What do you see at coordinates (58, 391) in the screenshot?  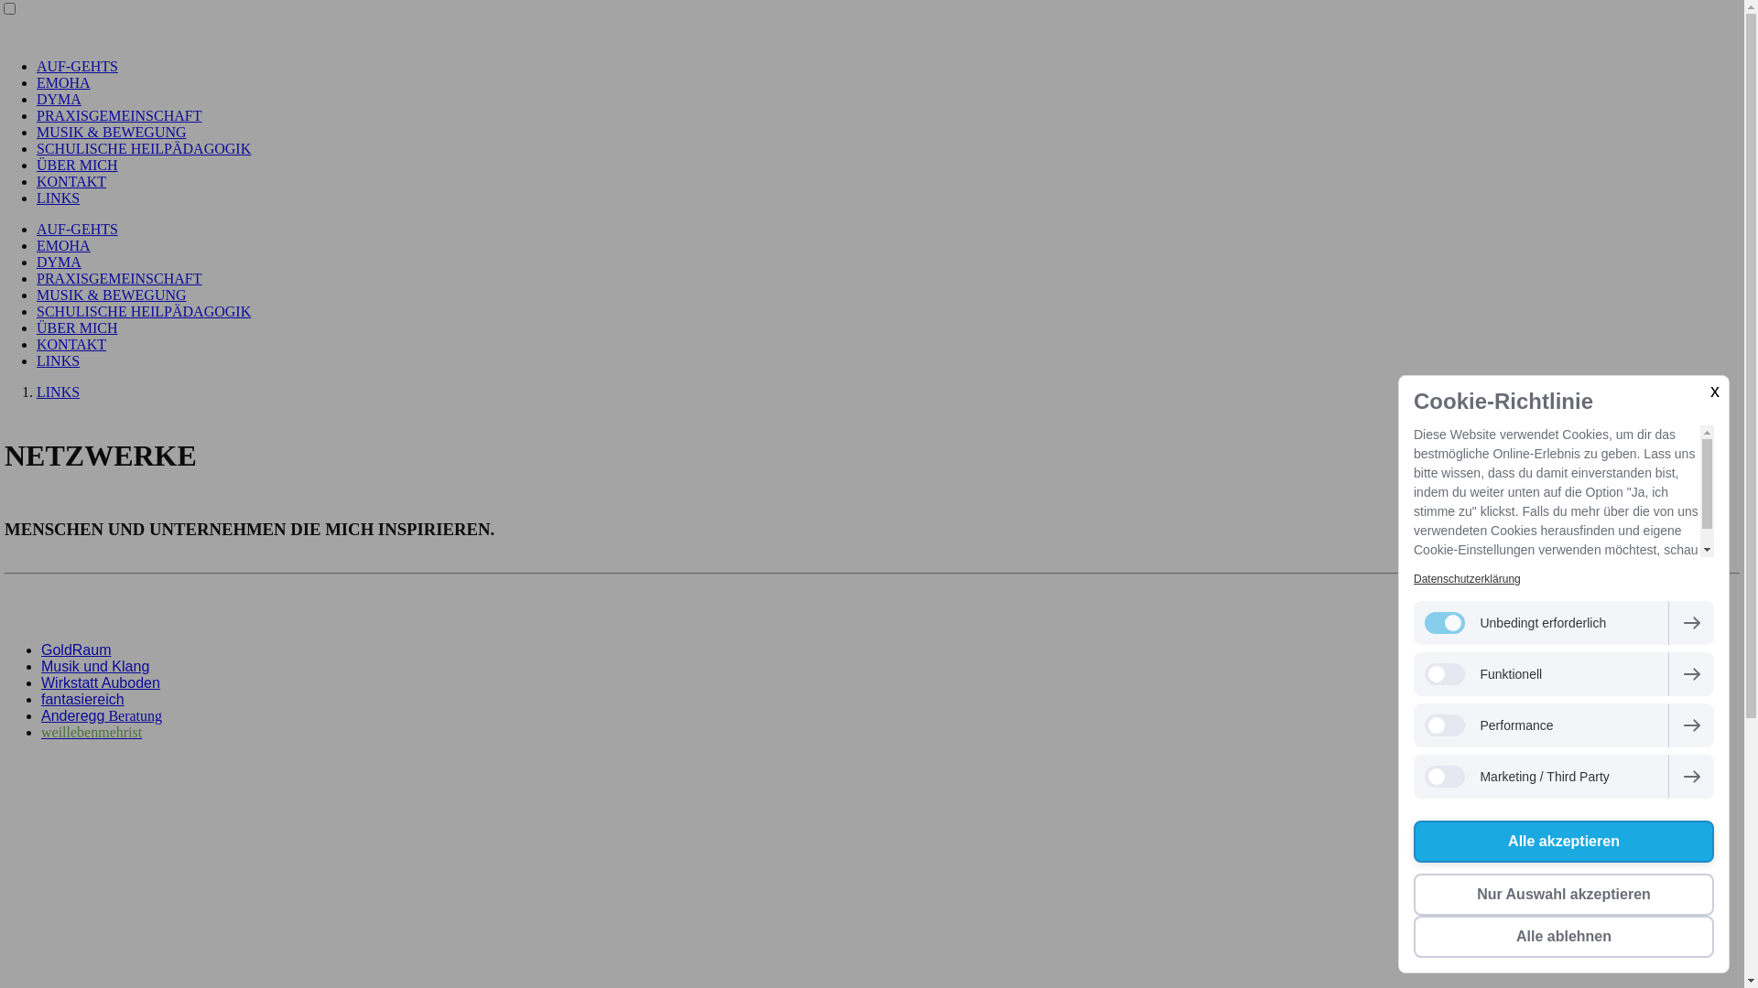 I see `'LINKS'` at bounding box center [58, 391].